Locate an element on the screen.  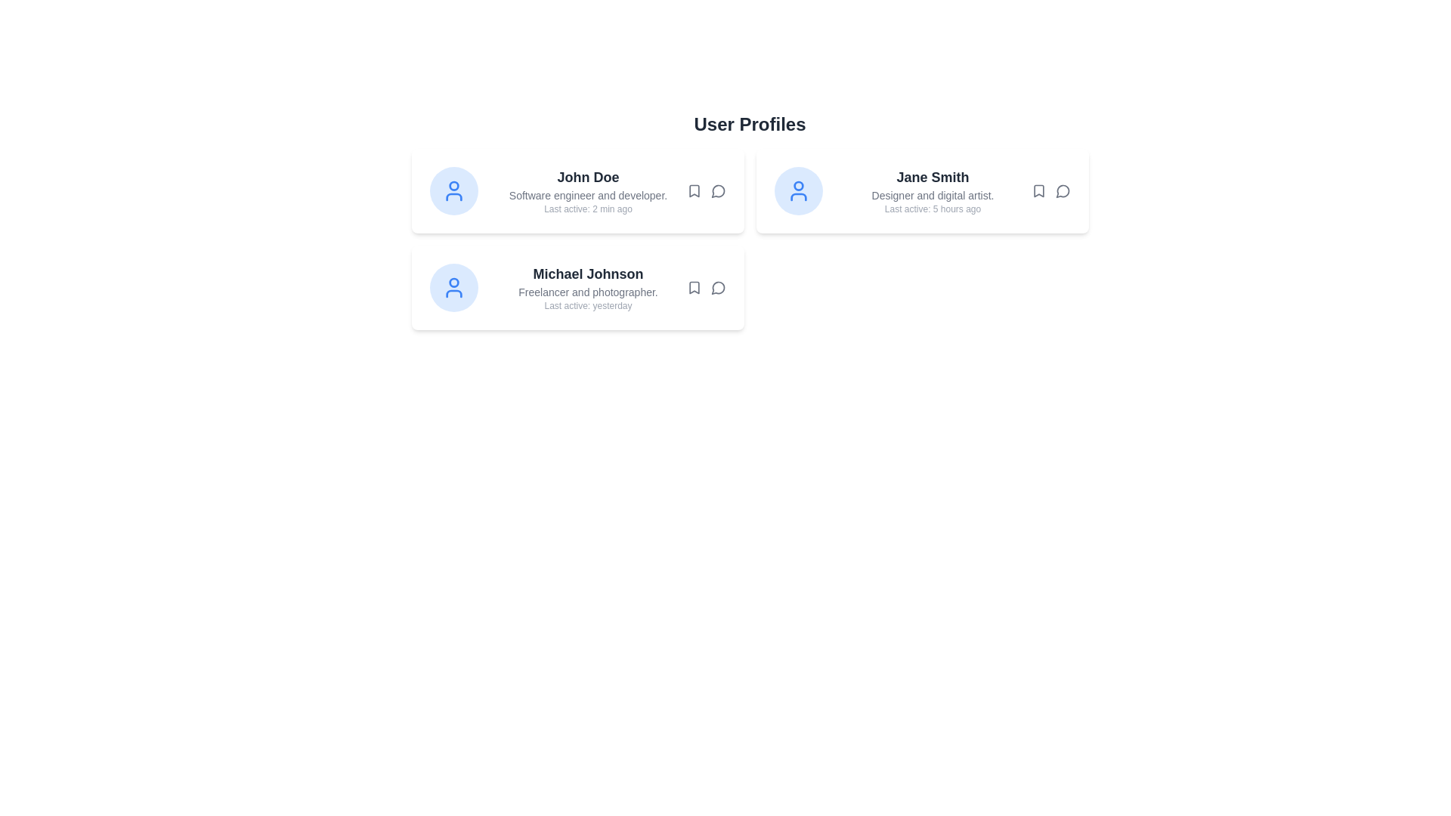
the text component labeled 'Michael Johnson' is located at coordinates (587, 274).